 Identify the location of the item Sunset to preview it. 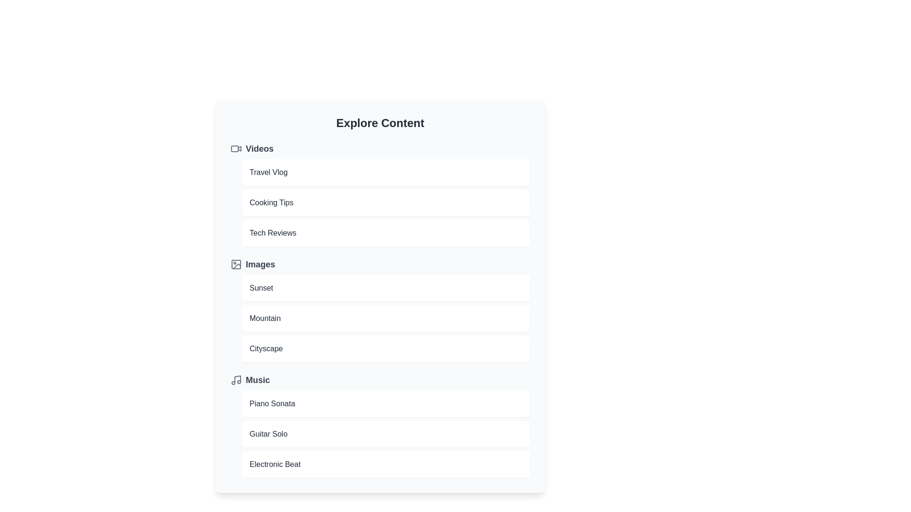
(386, 288).